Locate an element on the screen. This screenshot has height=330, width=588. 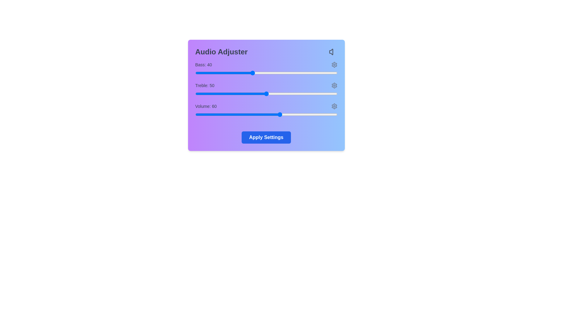
bass is located at coordinates (219, 70).